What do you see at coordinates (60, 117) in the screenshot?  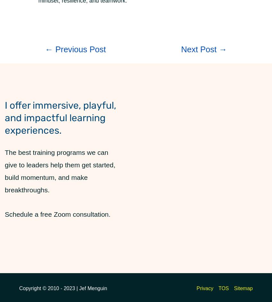 I see `'I offer immersive, playful, and impactful learning experiences.'` at bounding box center [60, 117].